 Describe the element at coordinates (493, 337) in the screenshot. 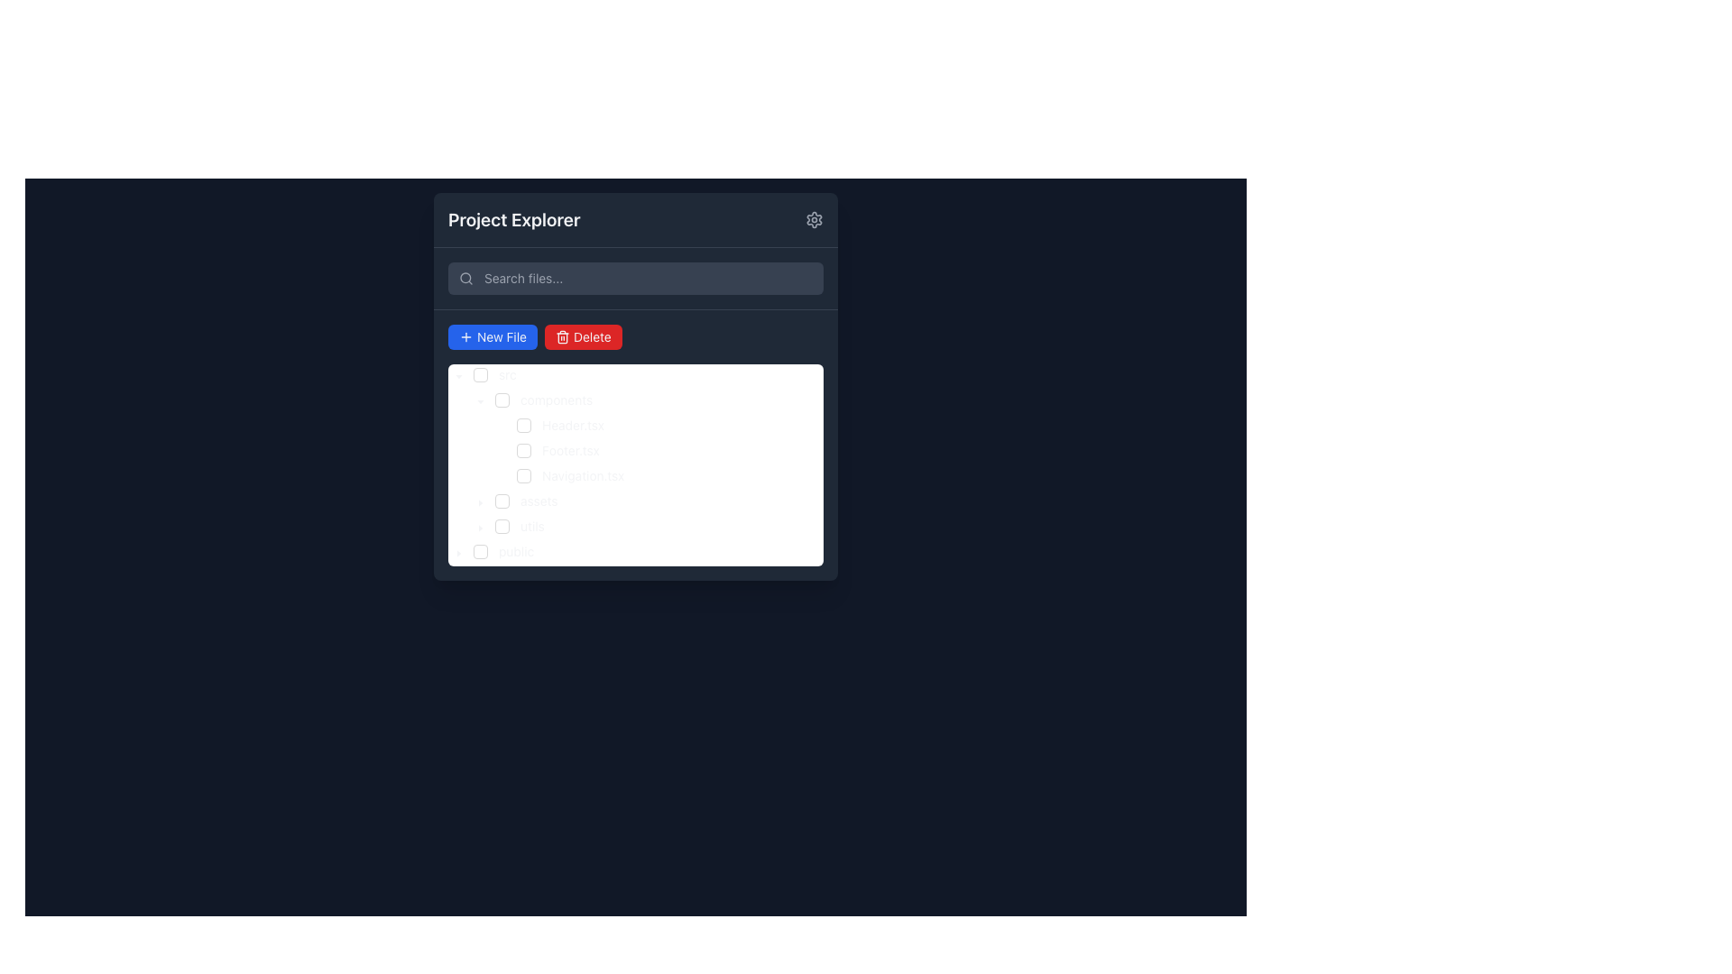

I see `the 'New File' button, which is a rectangular button with a blue background, rounded corners, and displays the text 'New File' in white with a '+' icon to the left` at that location.